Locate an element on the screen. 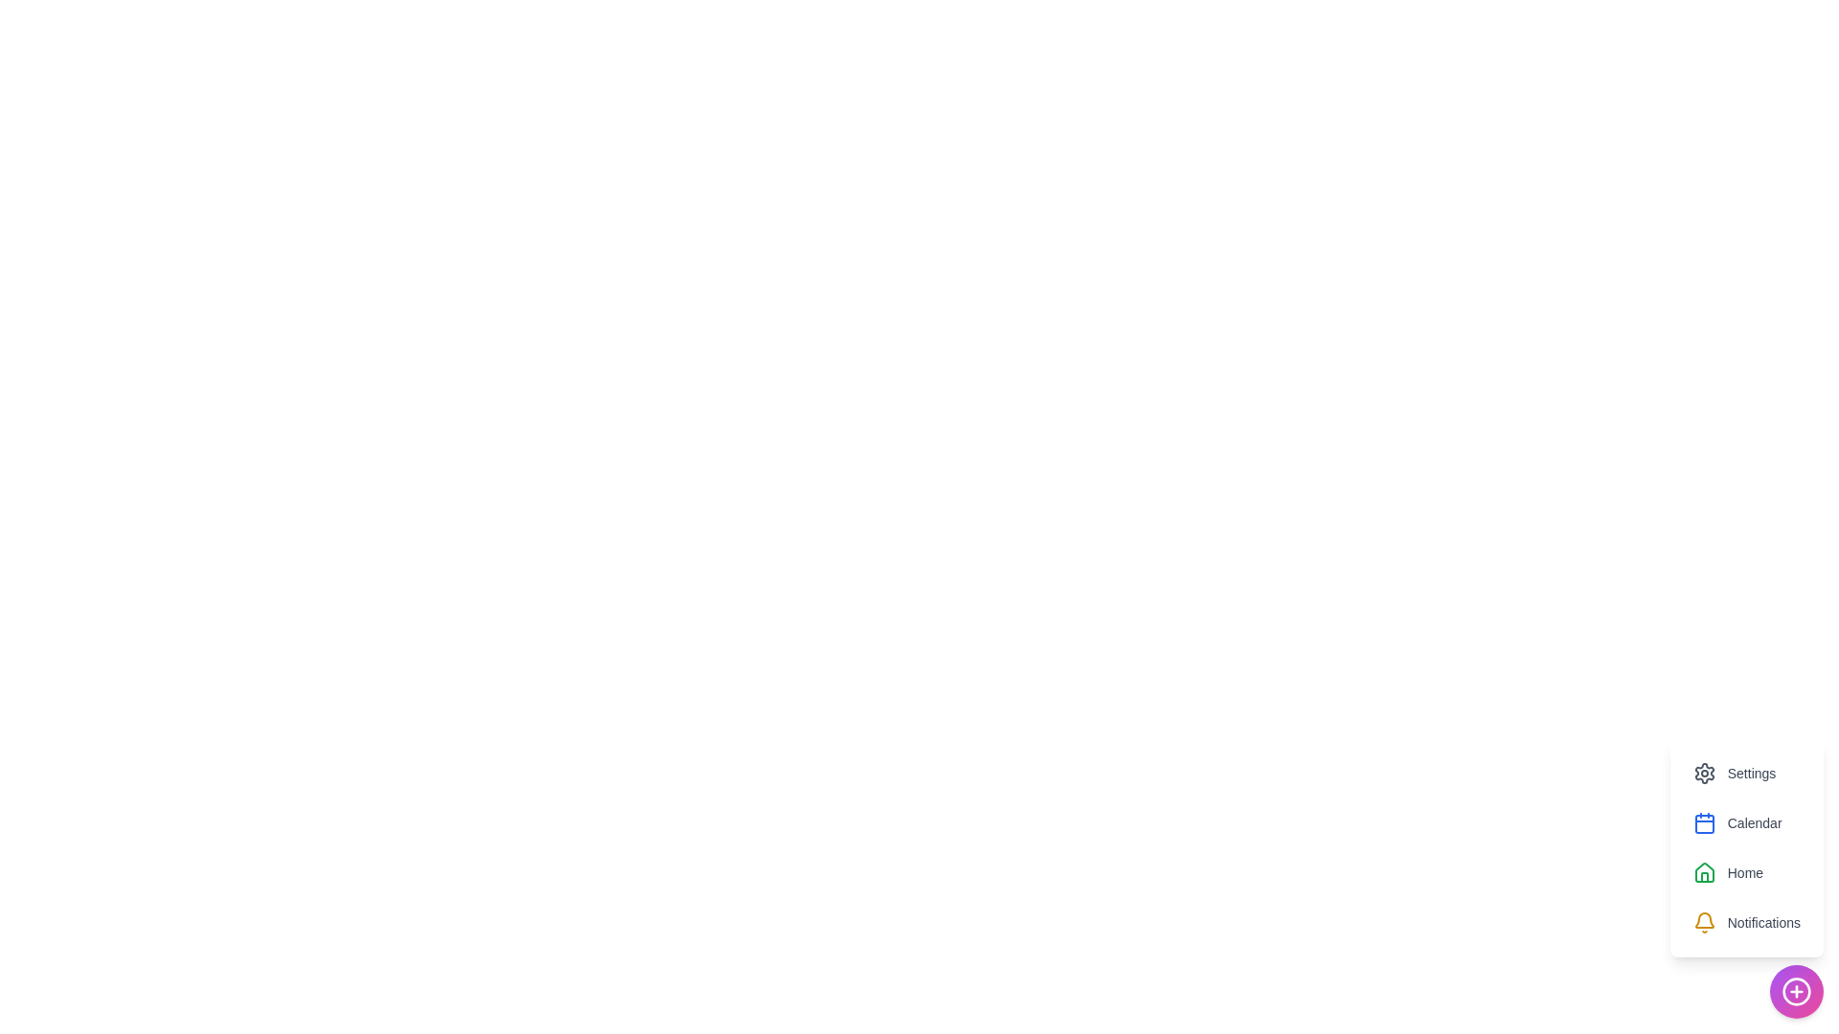 The image size is (1839, 1034). the Home option from the menu is located at coordinates (1728, 872).